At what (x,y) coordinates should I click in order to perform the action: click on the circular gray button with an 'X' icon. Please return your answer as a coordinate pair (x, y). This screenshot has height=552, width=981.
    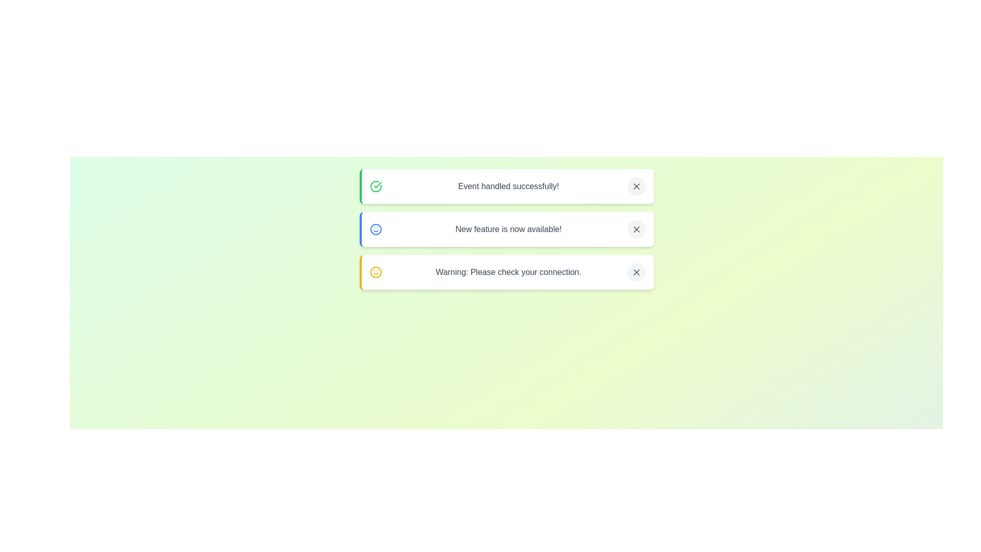
    Looking at the image, I should click on (636, 271).